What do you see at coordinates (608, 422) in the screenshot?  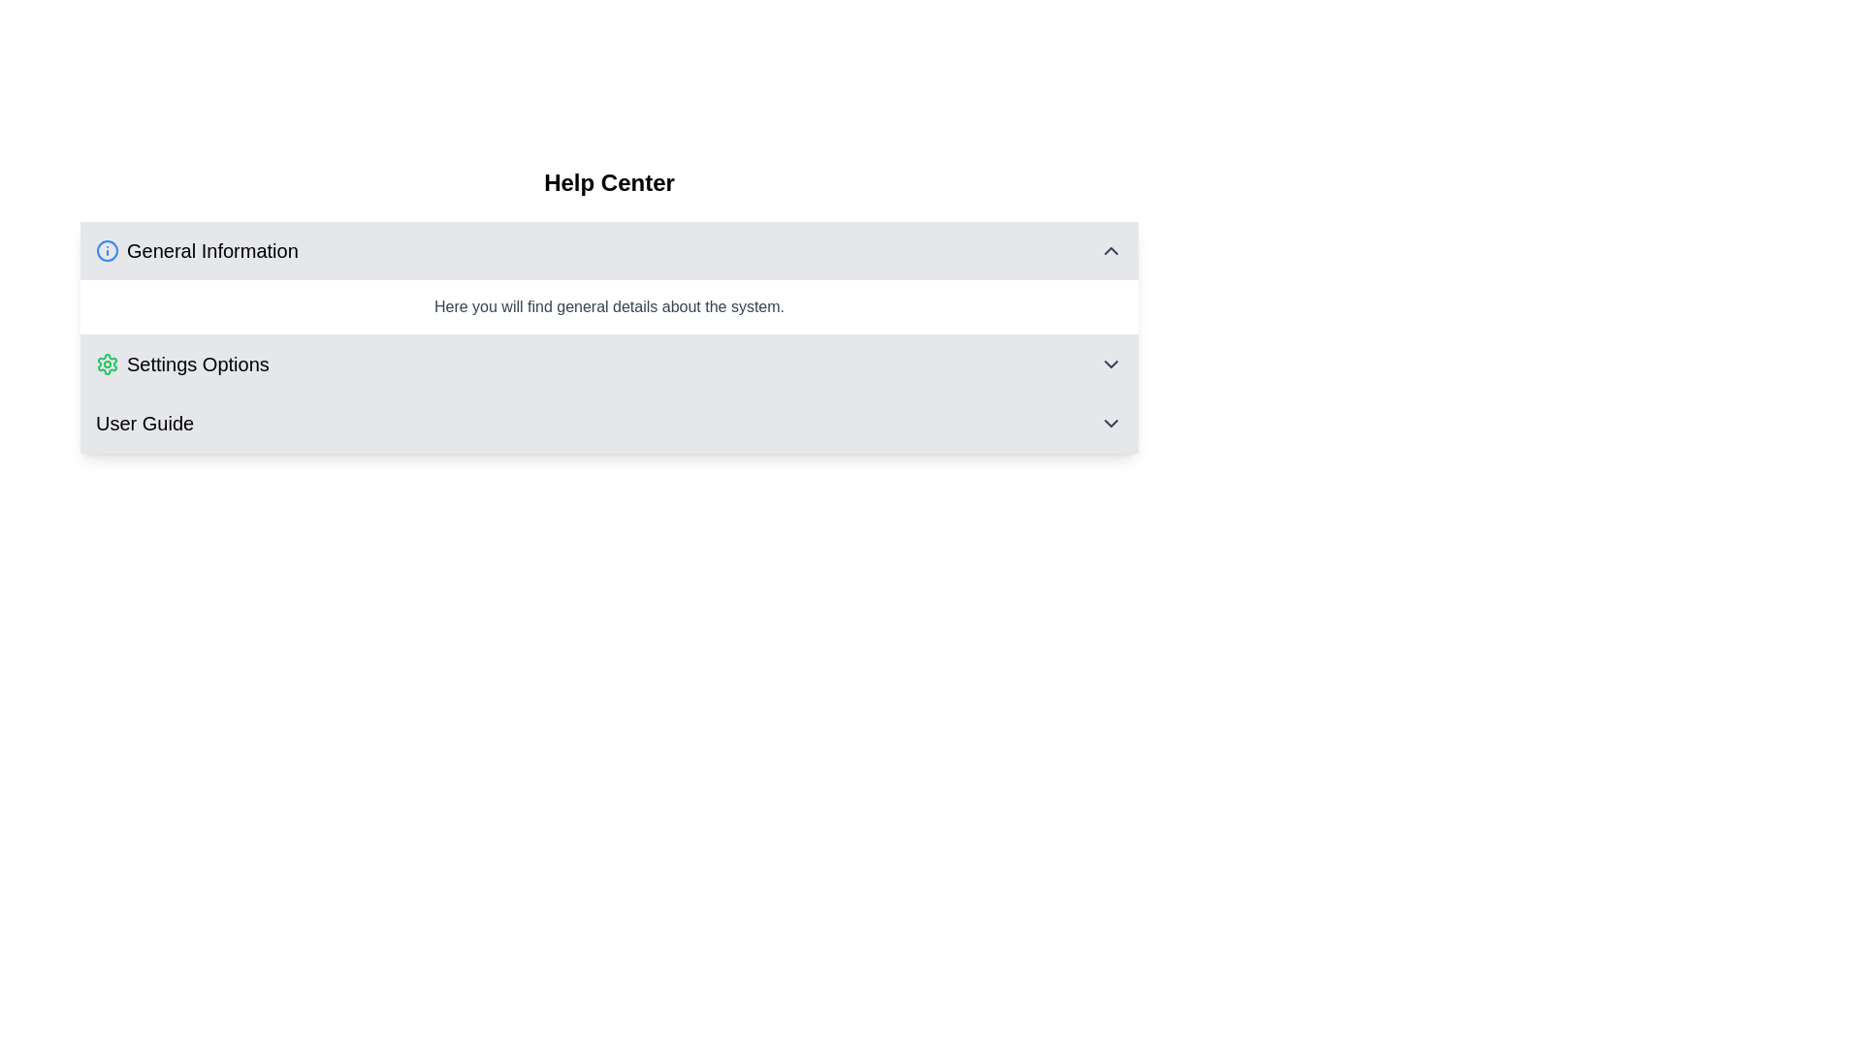 I see `the 'User Guide' button in the Help Center section` at bounding box center [608, 422].